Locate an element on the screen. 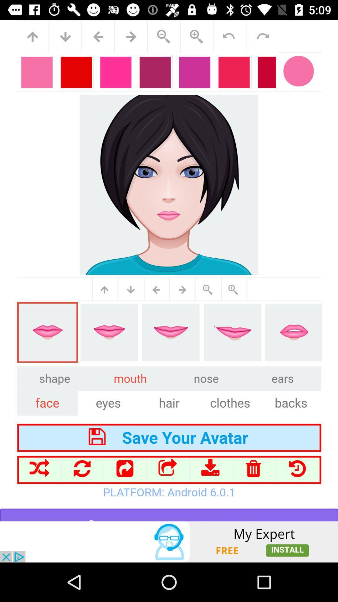  advertisement is located at coordinates (169, 541).